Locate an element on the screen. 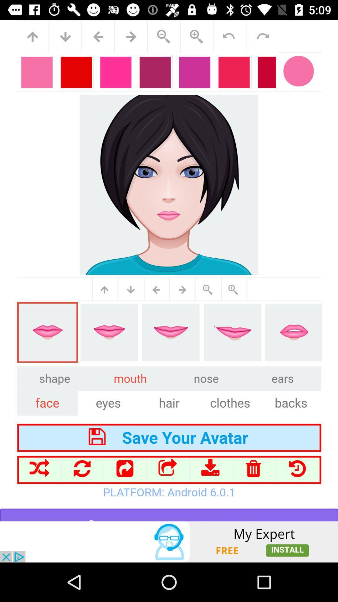  advertisement is located at coordinates (169, 541).